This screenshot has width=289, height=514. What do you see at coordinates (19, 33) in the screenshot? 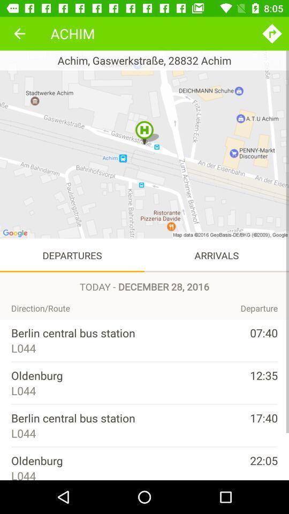
I see `the item next to the achim item` at bounding box center [19, 33].